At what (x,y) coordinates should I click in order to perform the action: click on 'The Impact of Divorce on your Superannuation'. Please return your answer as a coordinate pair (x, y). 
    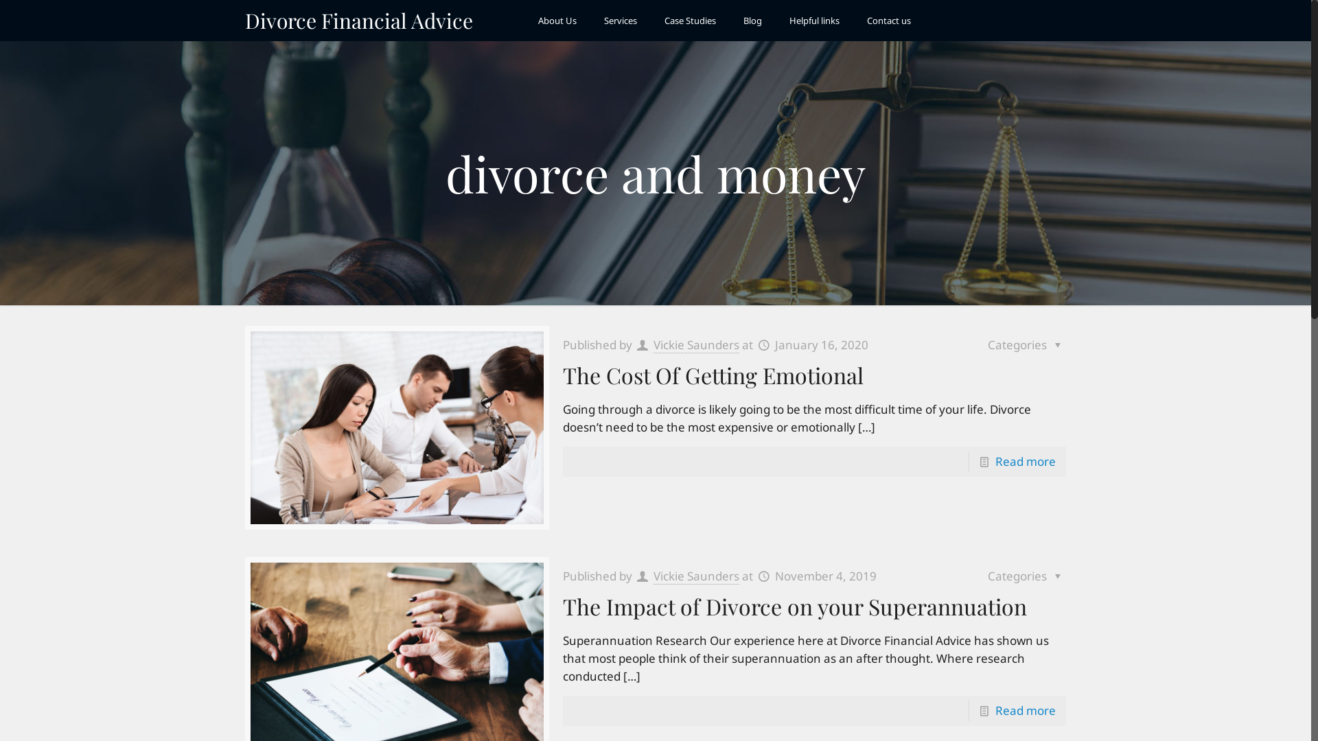
    Looking at the image, I should click on (794, 605).